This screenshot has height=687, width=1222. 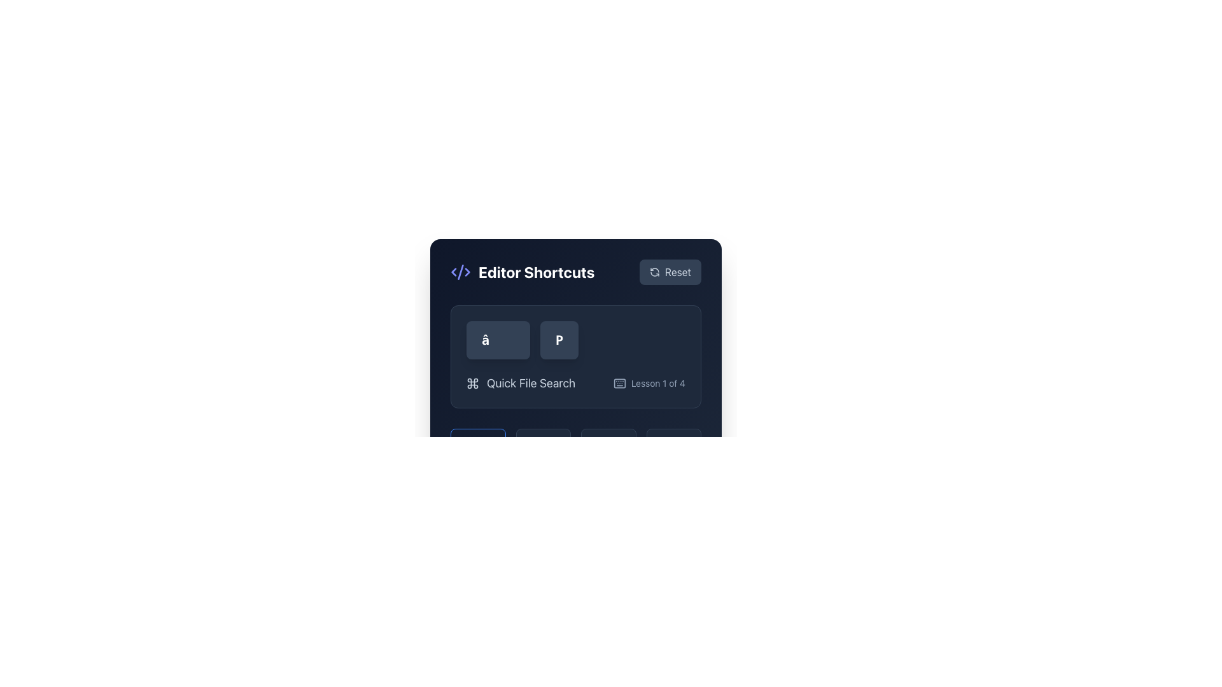 I want to click on the stylized diagonal line in the middle of the XML code icon, which is represented as a slash or stroke within an SVG icon, so click(x=460, y=272).